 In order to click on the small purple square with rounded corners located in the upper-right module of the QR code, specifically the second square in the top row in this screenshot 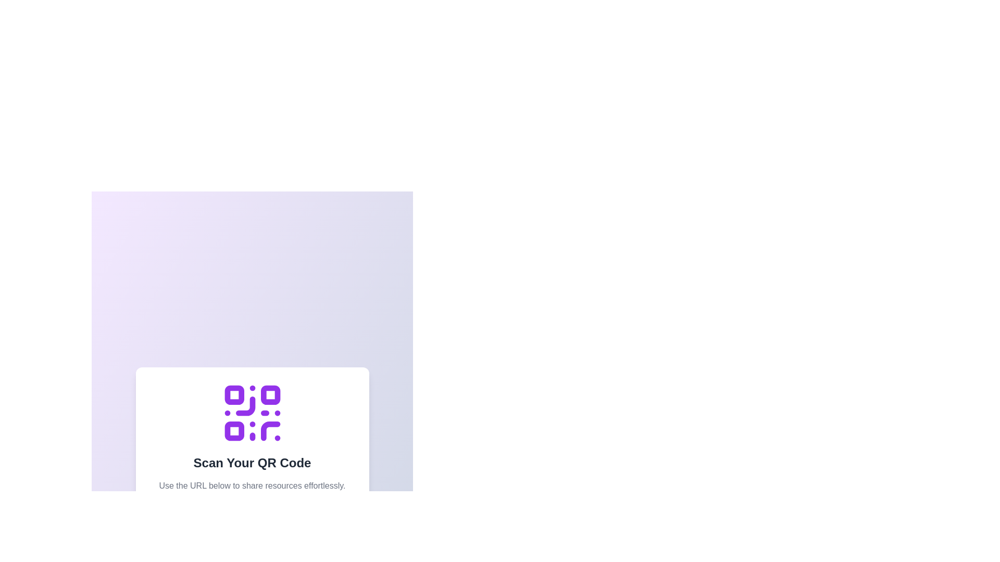, I will do `click(270, 395)`.